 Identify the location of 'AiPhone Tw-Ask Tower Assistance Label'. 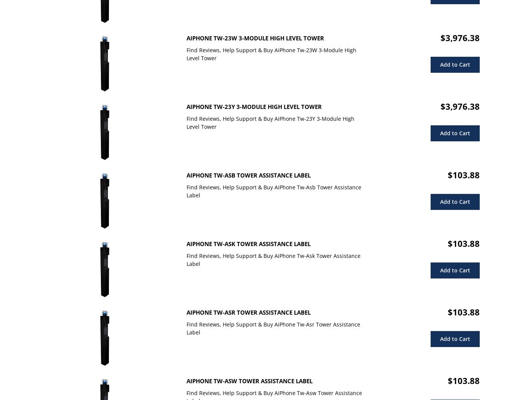
(248, 243).